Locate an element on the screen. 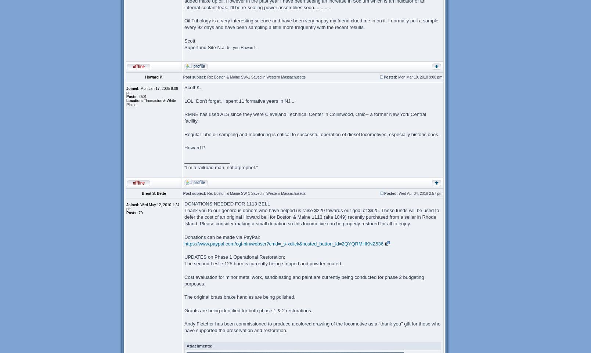 The width and height of the screenshot is (591, 353). 'Scott K.,' is located at coordinates (193, 87).